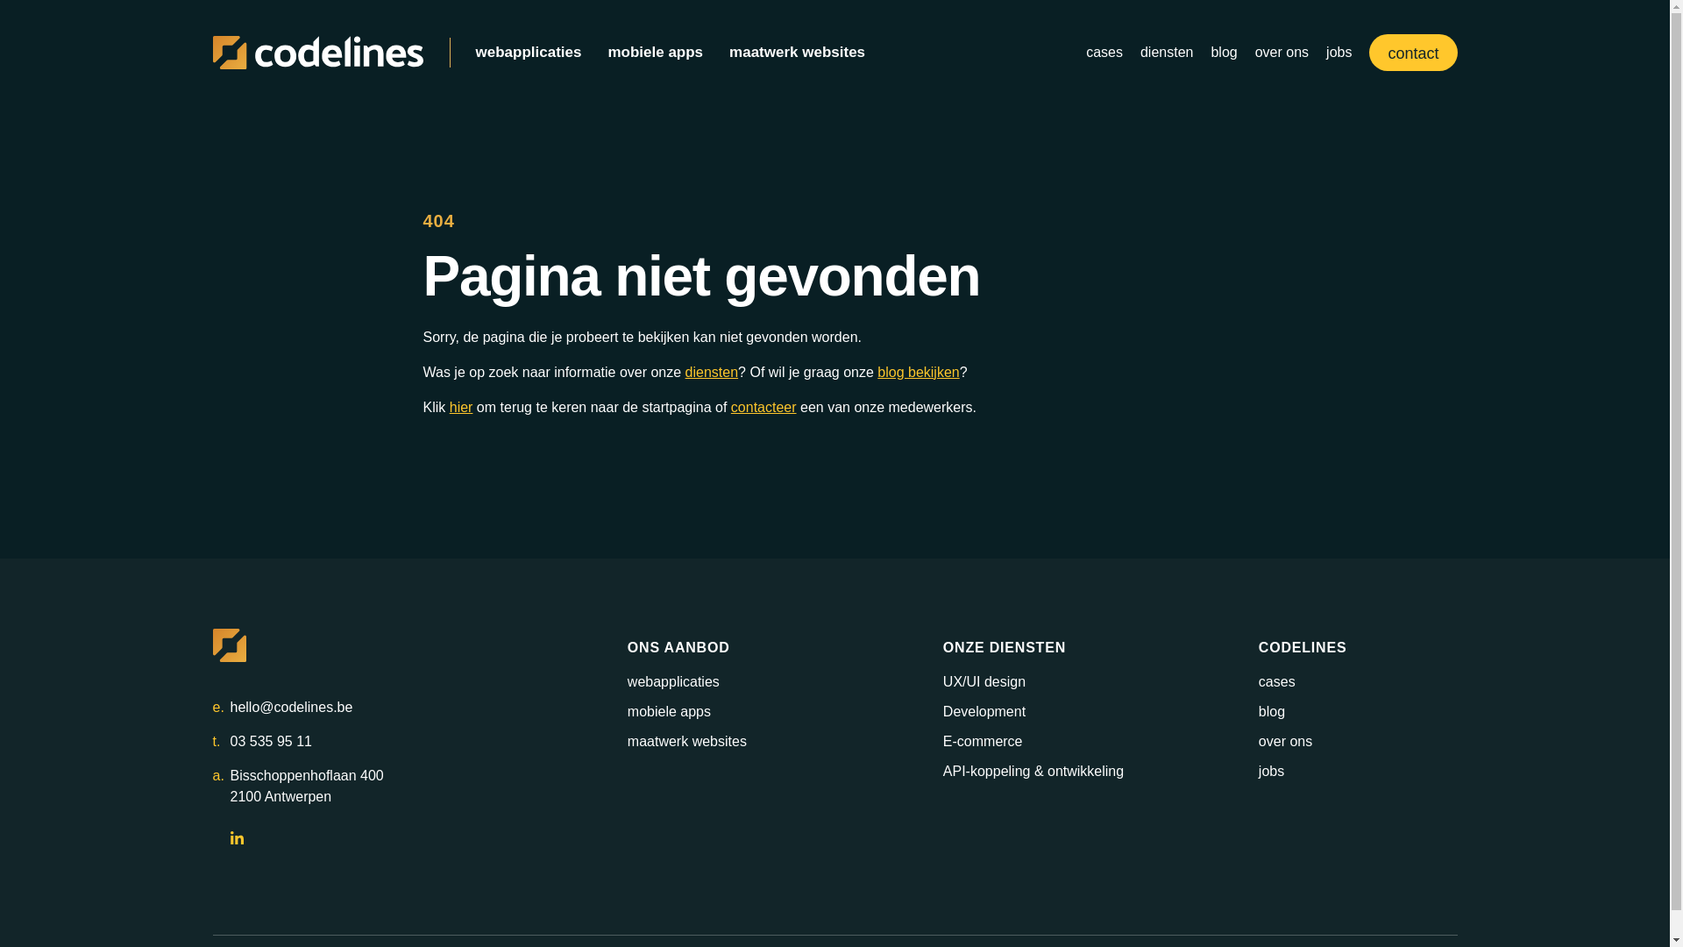 The height and width of the screenshot is (947, 1683). What do you see at coordinates (269, 741) in the screenshot?
I see `'03 535 95 11'` at bounding box center [269, 741].